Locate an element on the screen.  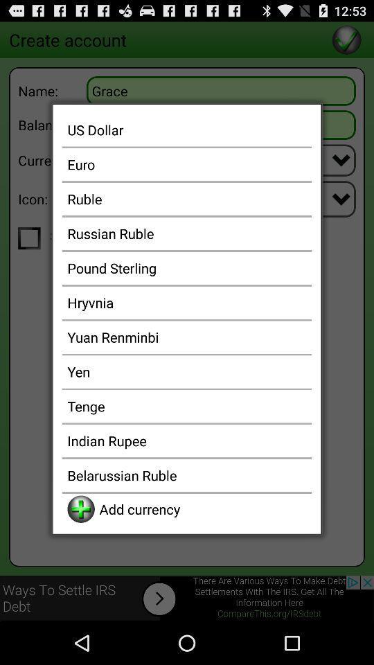
the item at the bottom left corner is located at coordinates (81, 508).